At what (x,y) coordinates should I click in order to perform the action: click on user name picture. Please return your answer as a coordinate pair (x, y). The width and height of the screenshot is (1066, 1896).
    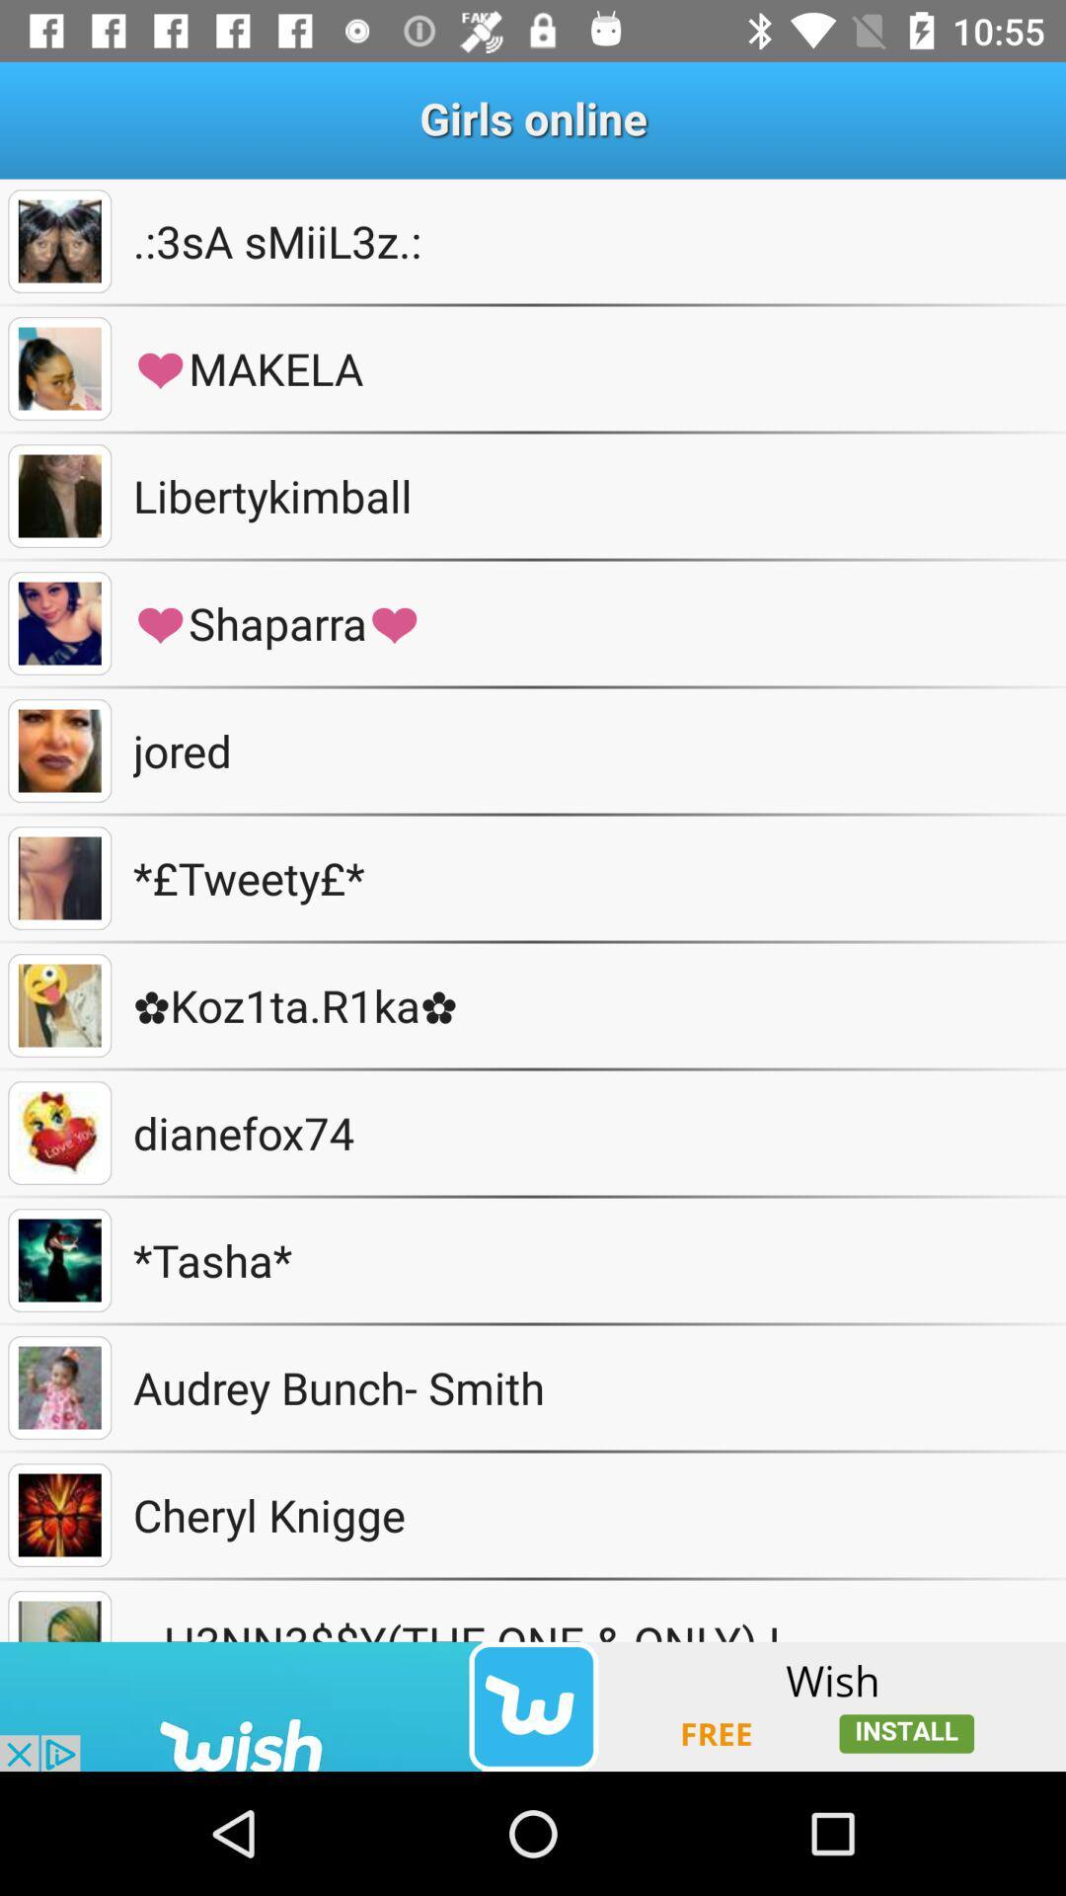
    Looking at the image, I should click on (58, 877).